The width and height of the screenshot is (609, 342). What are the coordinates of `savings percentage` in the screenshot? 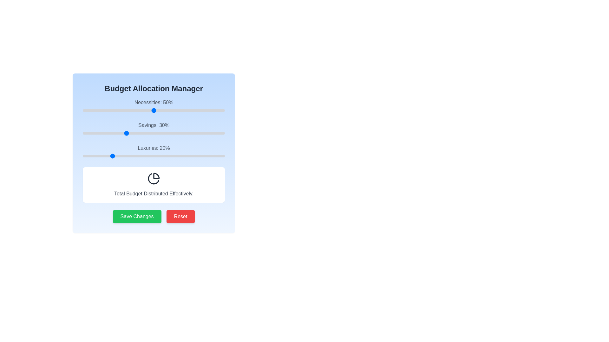 It's located at (125, 133).